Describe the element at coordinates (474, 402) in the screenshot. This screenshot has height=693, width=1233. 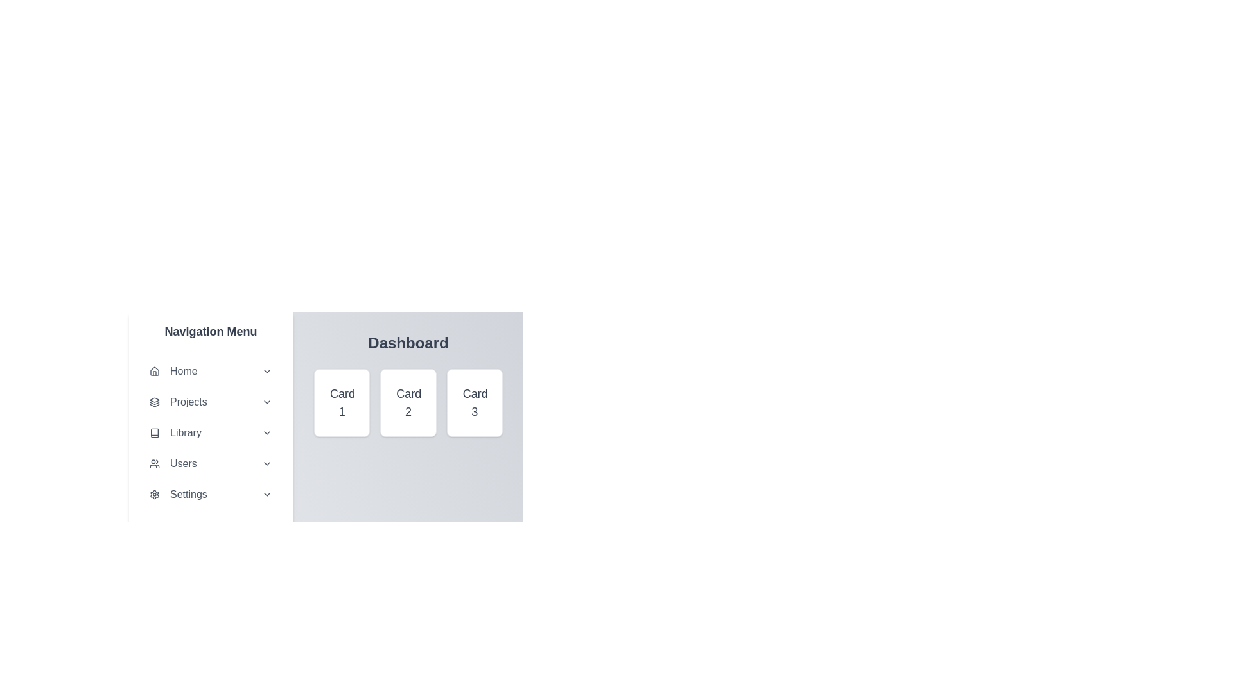
I see `the information card located in the third column of the grid layout, positioned to the right of 'Card 2' and below the dashboard title` at that location.